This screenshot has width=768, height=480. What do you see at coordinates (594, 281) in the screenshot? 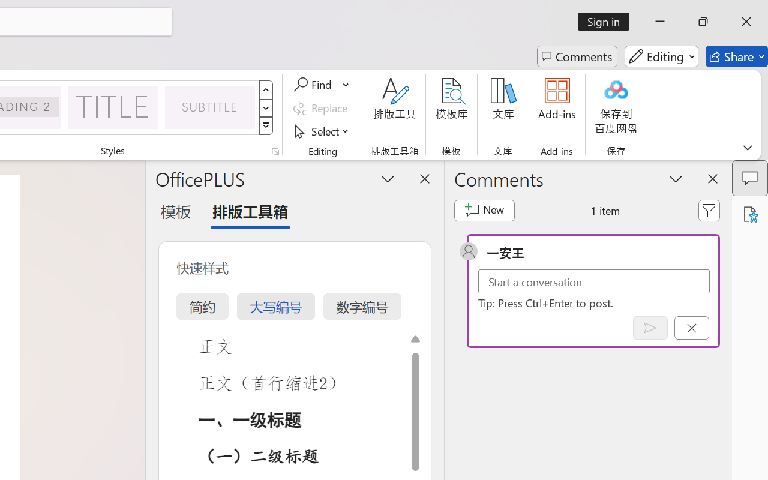
I see `'Start a conversation'` at bounding box center [594, 281].